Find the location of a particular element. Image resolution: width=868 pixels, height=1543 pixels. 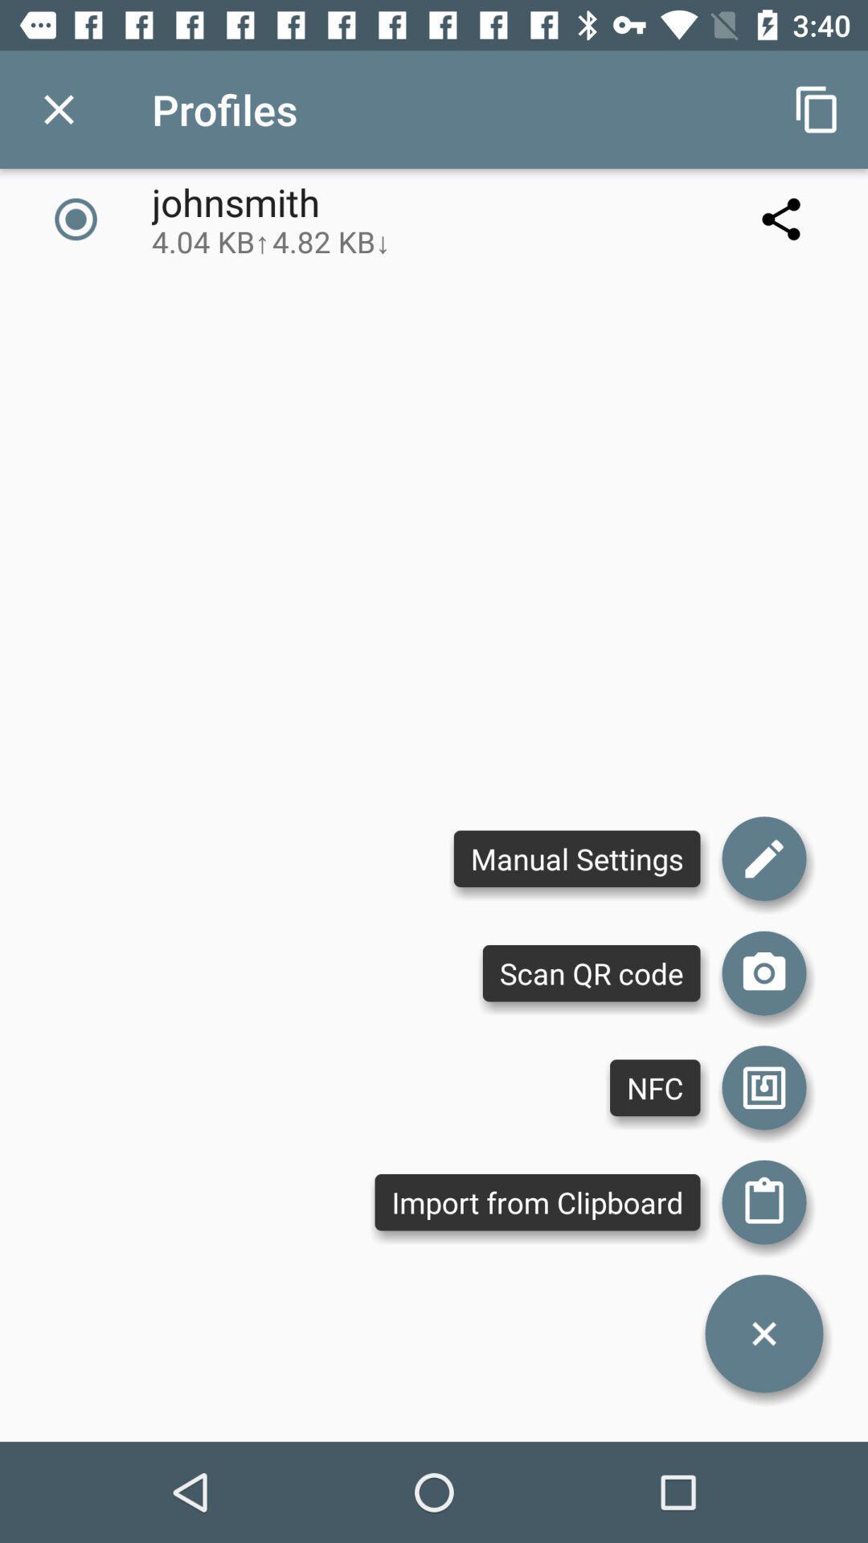

the edit icon is located at coordinates (764, 857).